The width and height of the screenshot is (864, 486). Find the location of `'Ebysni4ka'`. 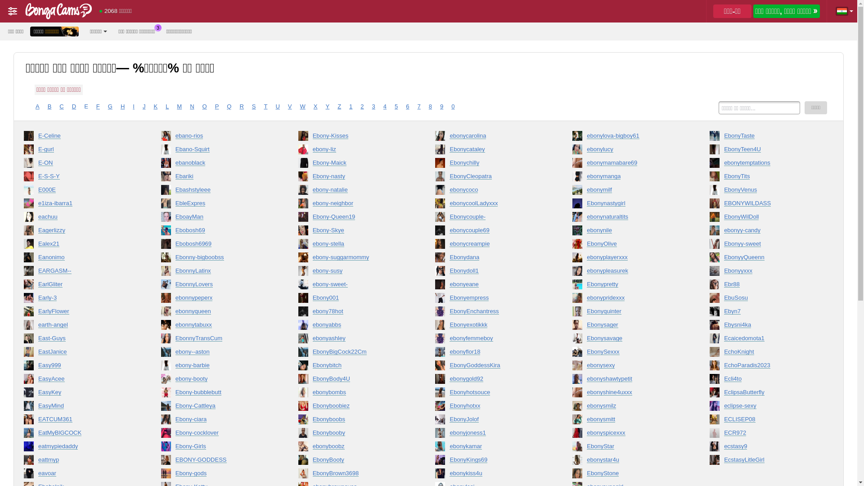

'Ebysni4ka' is located at coordinates (765, 326).